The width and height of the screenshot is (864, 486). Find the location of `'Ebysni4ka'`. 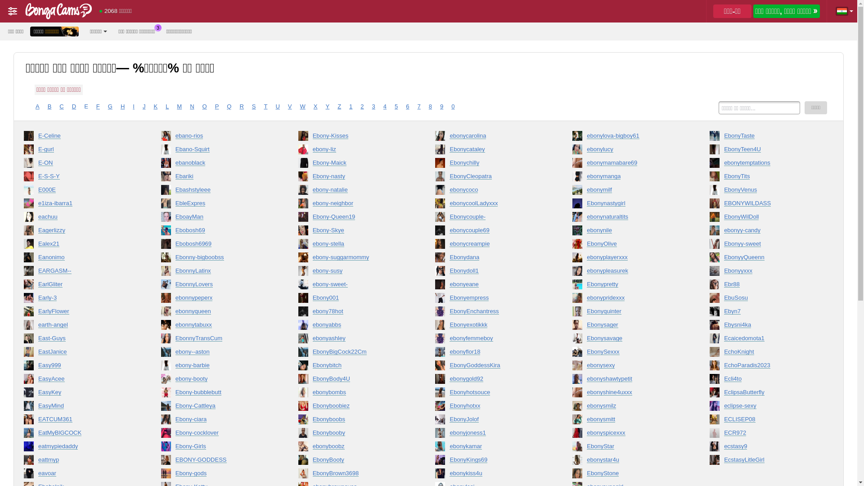

'Ebysni4ka' is located at coordinates (765, 326).